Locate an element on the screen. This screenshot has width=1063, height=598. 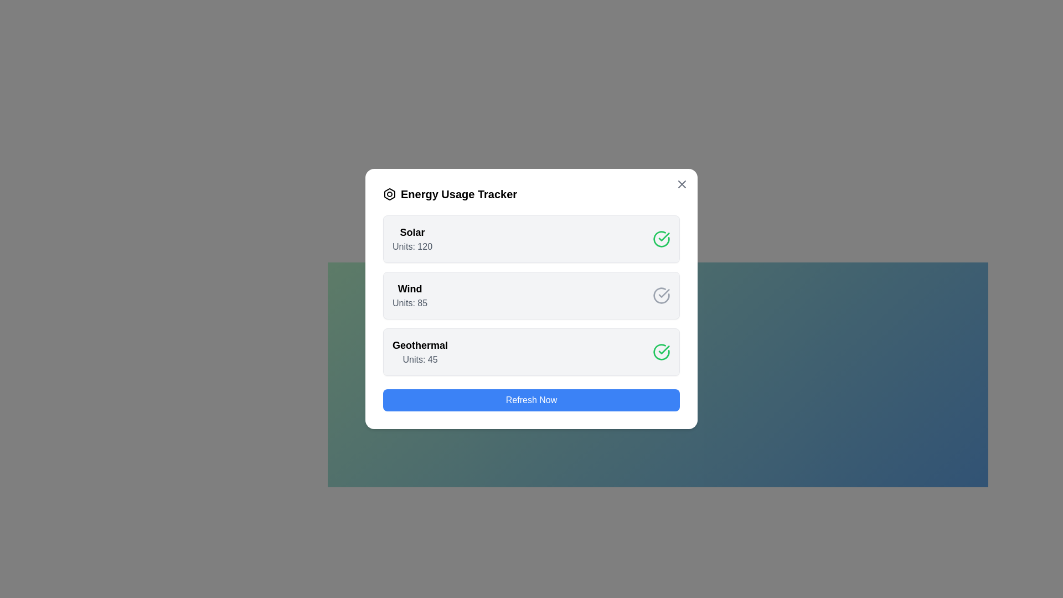
the checkmark icon that confirms the 'Geothermal' item, located on the right side of the list item and part of the SVG icon is located at coordinates (664, 292).